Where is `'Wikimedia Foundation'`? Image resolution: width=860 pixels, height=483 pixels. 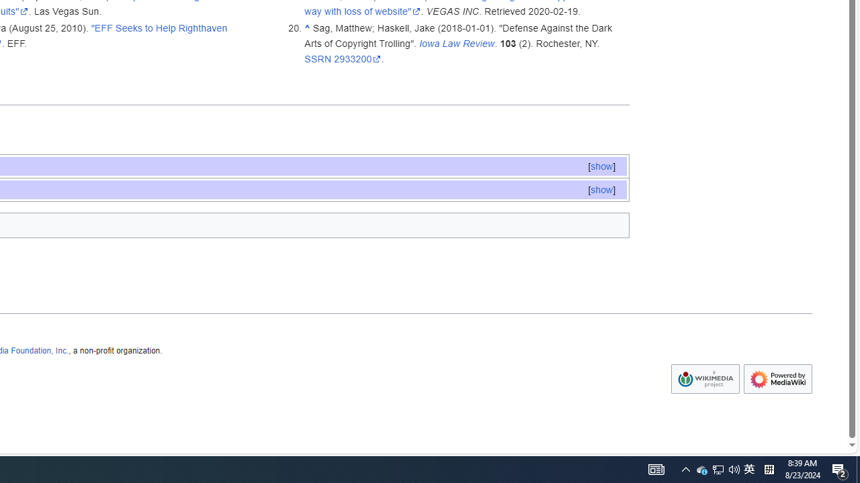
'Wikimedia Foundation' is located at coordinates (705, 379).